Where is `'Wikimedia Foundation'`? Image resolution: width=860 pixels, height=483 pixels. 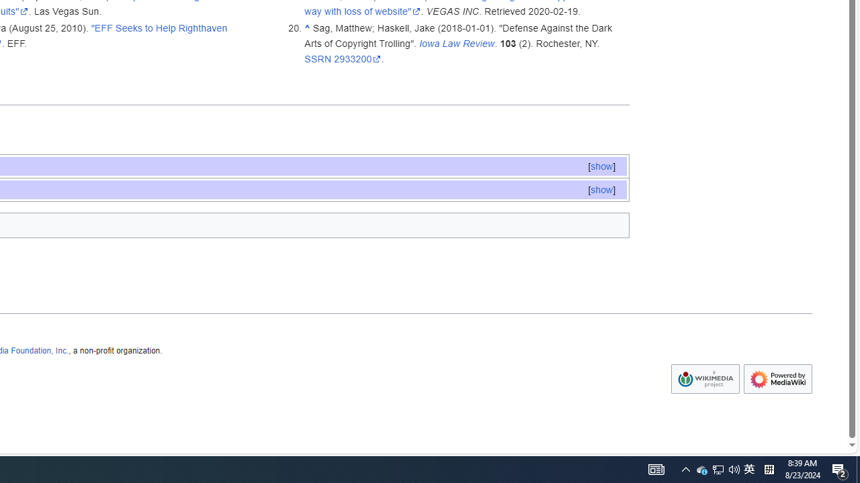
'Wikimedia Foundation' is located at coordinates (705, 379).